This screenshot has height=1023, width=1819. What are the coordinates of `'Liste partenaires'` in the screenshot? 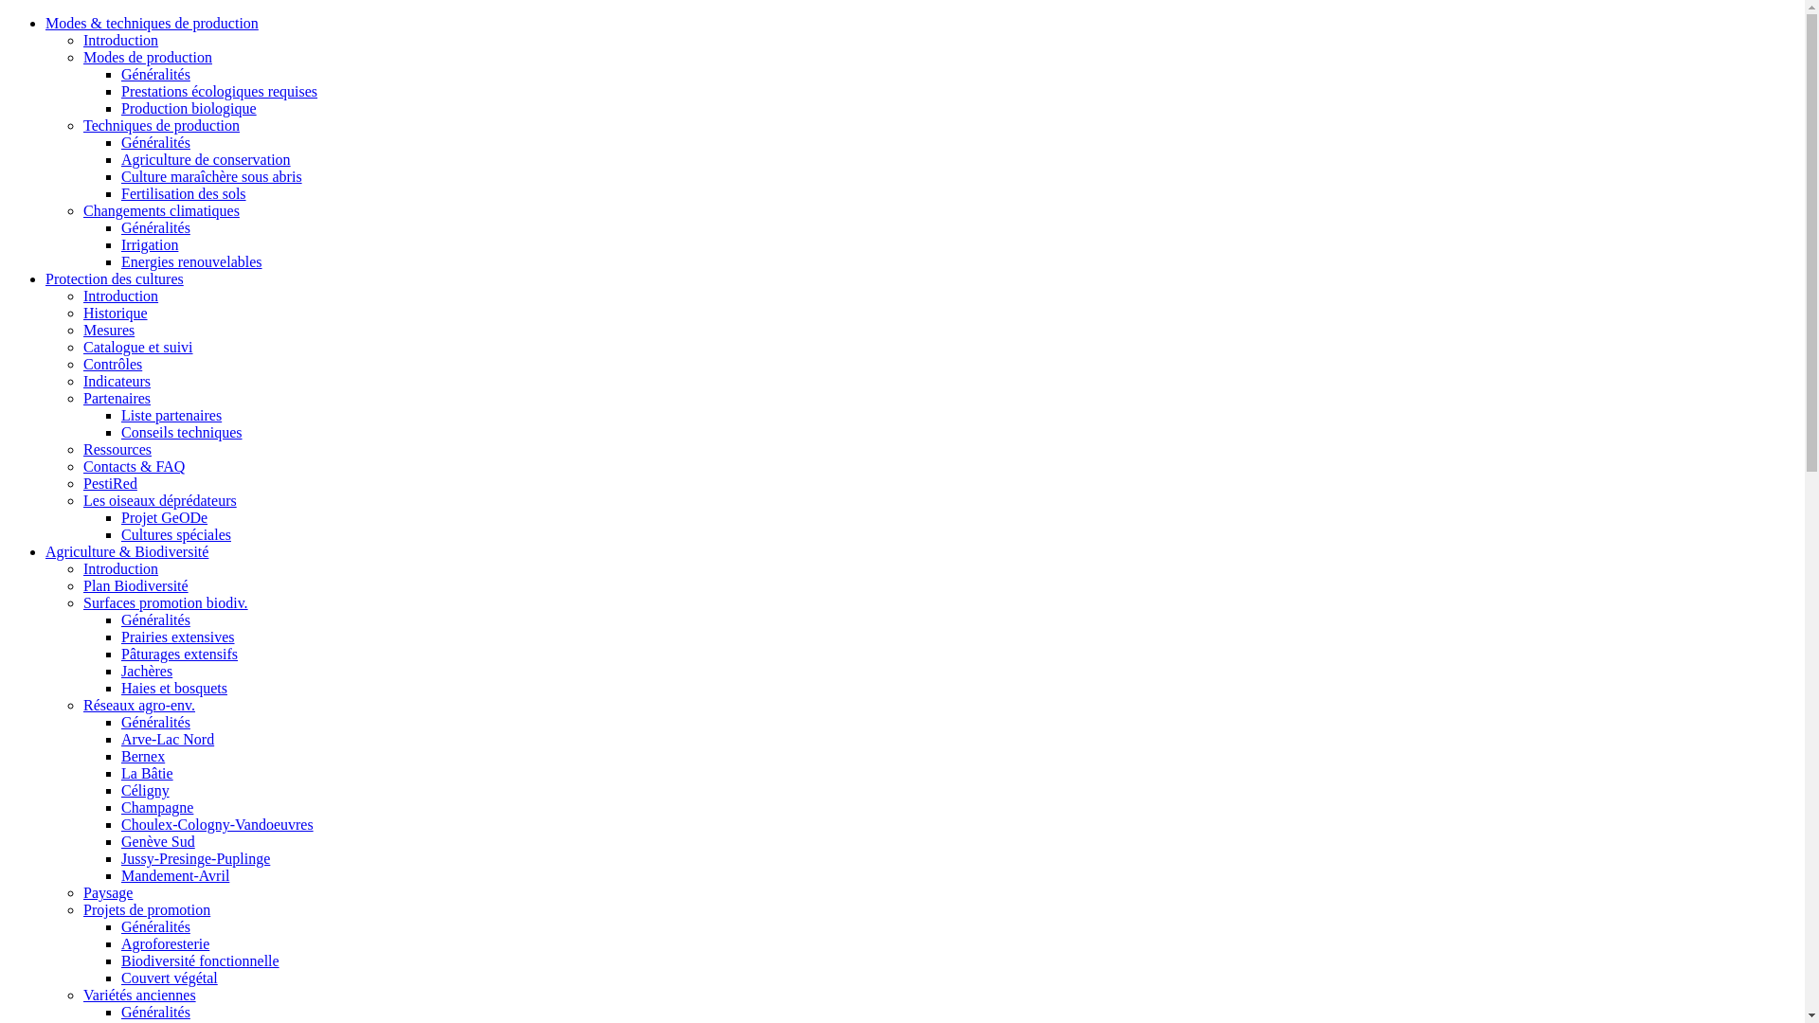 It's located at (120, 414).